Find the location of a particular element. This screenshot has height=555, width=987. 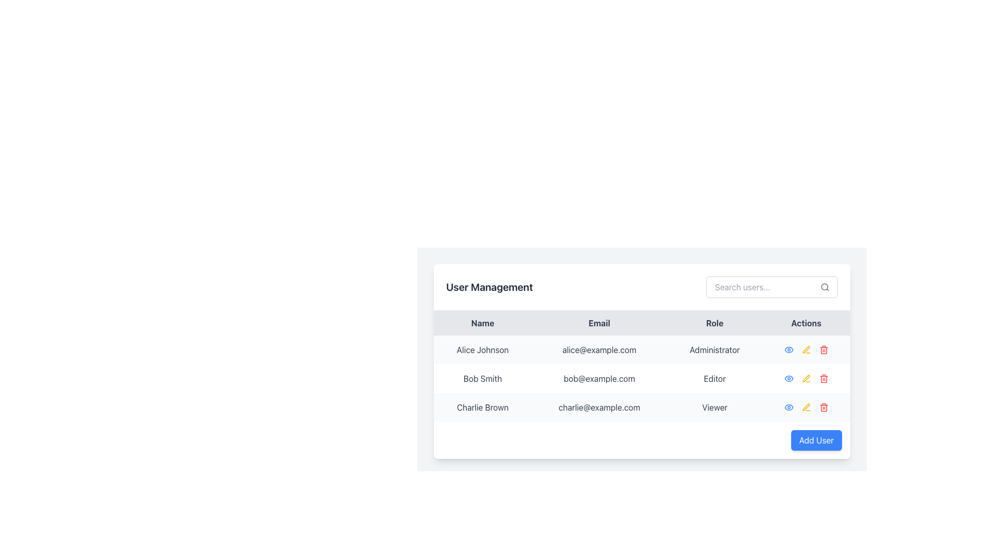

the button located at the bottom-right of the user management panel to change its background color is located at coordinates (816, 439).